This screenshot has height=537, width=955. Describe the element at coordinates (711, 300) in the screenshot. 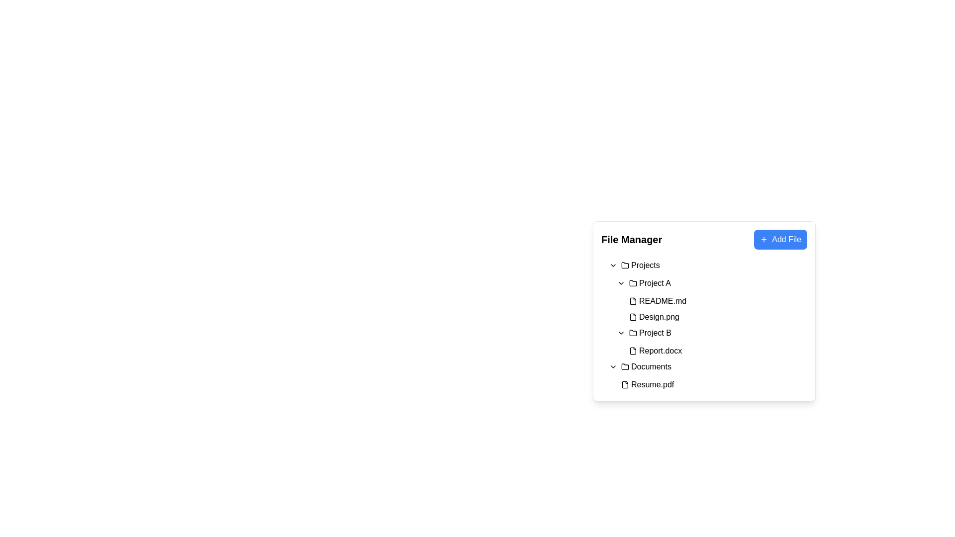

I see `on the 'README.md' file listing entry in the 'File Manager' interface` at that location.